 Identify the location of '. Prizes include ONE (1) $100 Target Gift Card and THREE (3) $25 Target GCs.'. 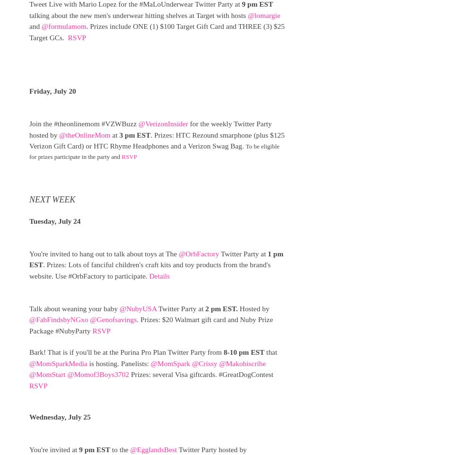
(157, 31).